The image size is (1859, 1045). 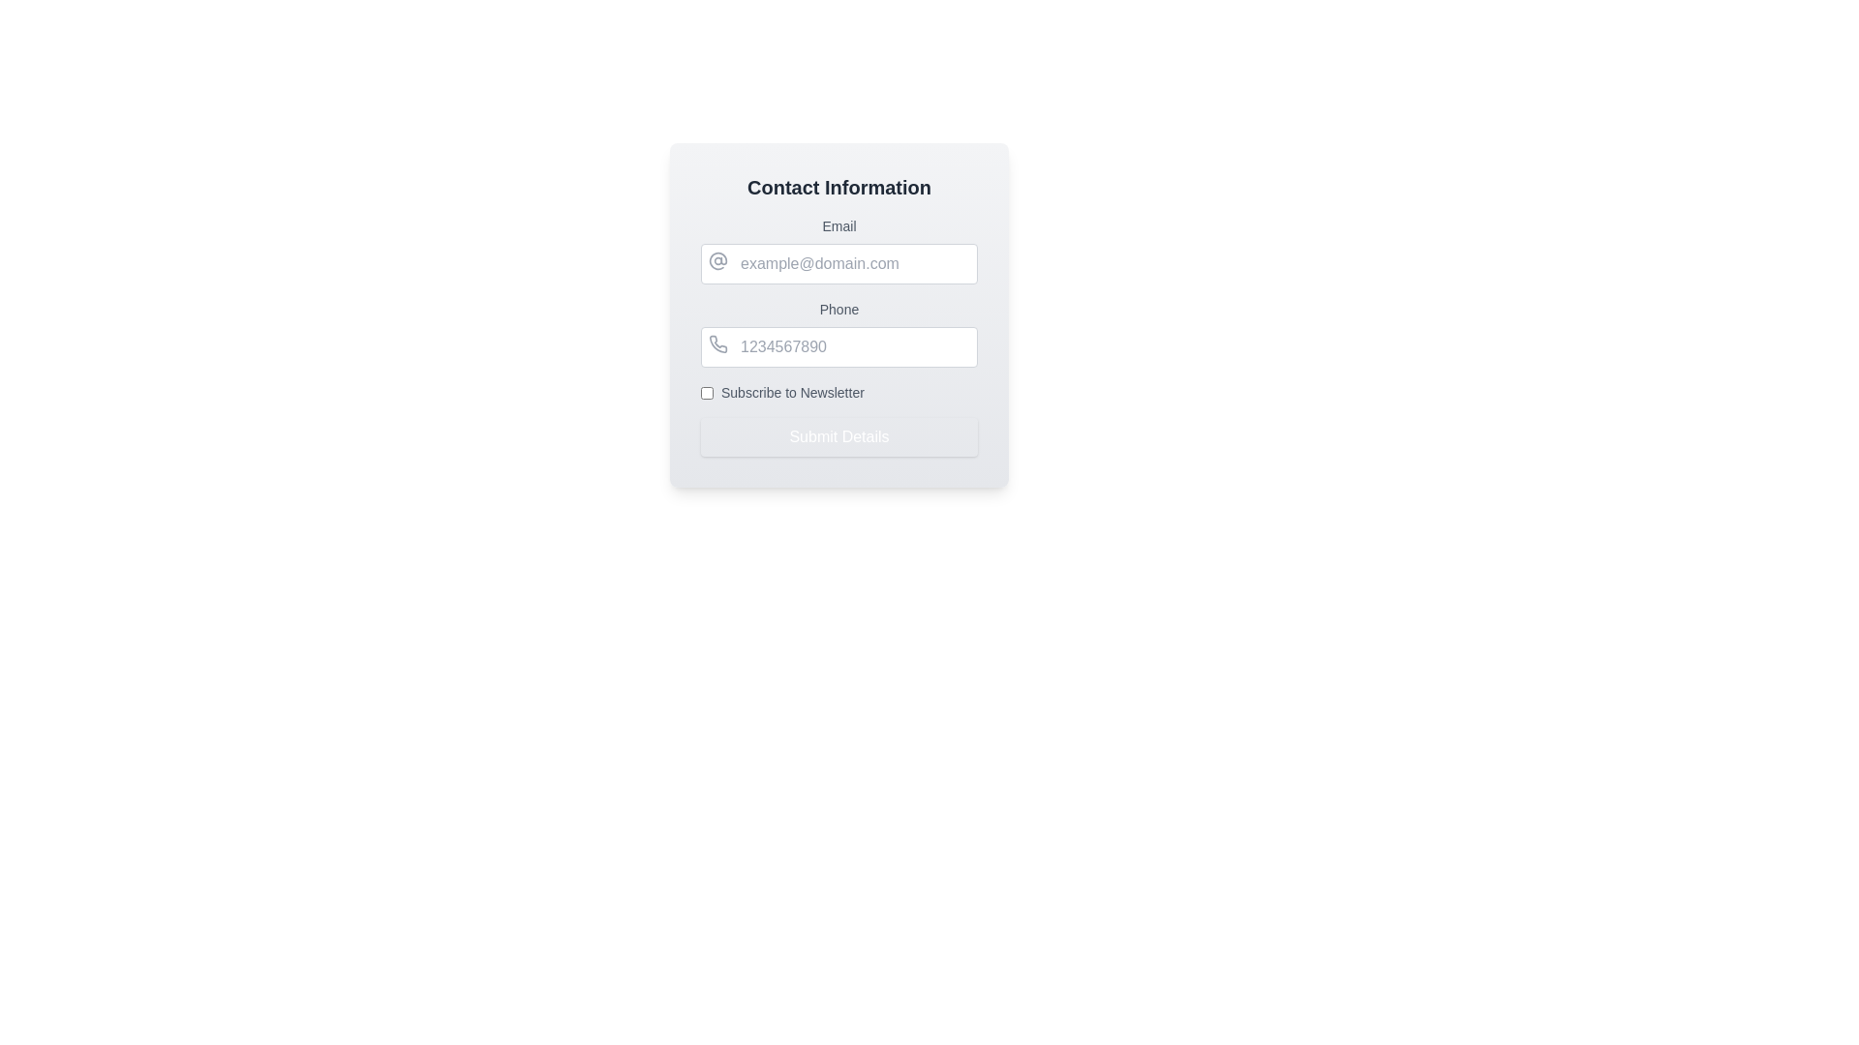 I want to click on the icon located to the left of the email input field, so click(x=717, y=261).